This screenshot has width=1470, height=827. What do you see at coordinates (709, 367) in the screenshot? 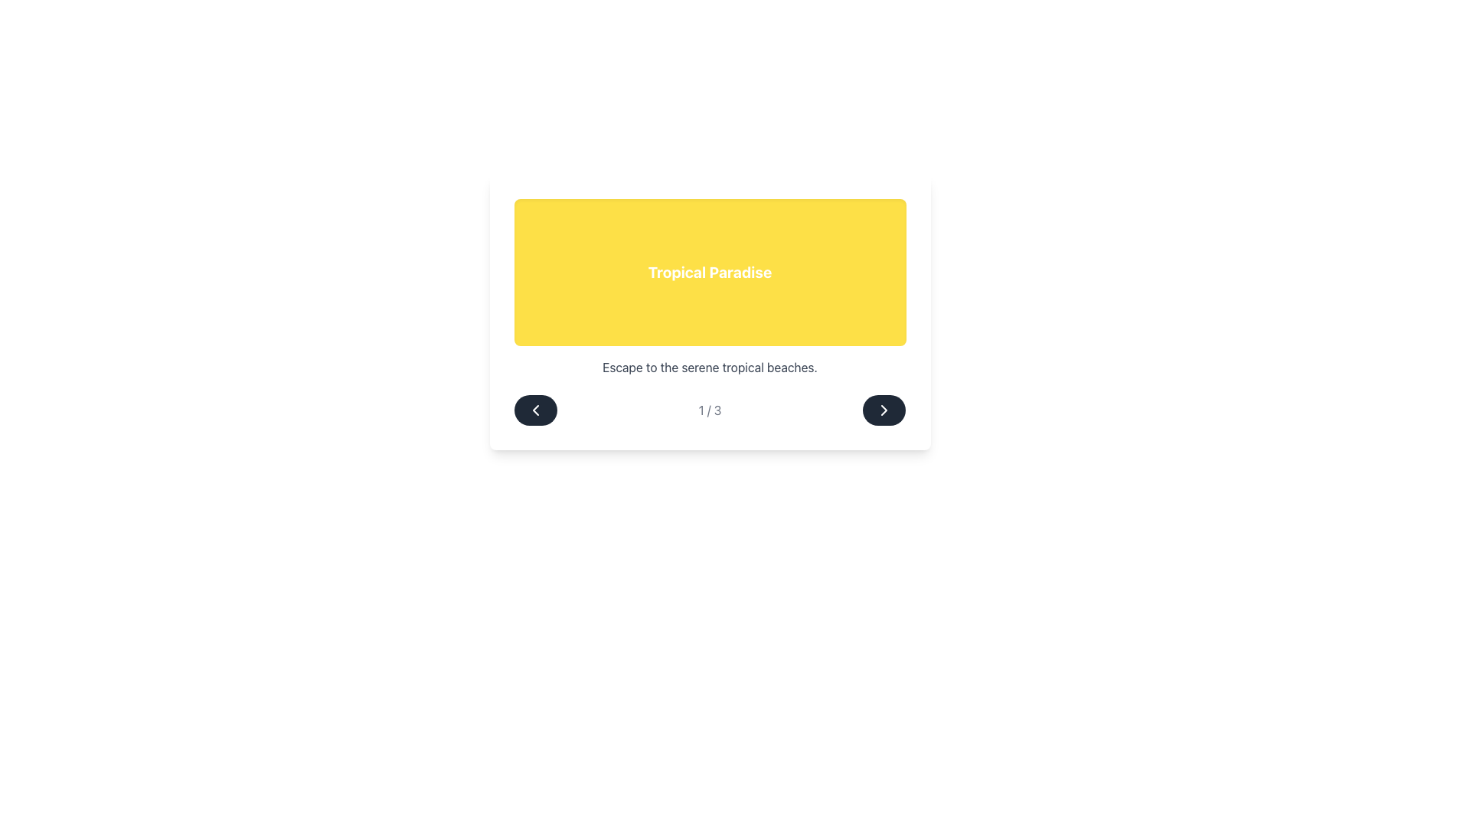
I see `the line of text that reads 'Escape to the serene tropical beaches', which is styled with a centered alignment and medium gray color, located directly below the yellow-highlighted title 'Tropical Paradise'` at bounding box center [709, 367].